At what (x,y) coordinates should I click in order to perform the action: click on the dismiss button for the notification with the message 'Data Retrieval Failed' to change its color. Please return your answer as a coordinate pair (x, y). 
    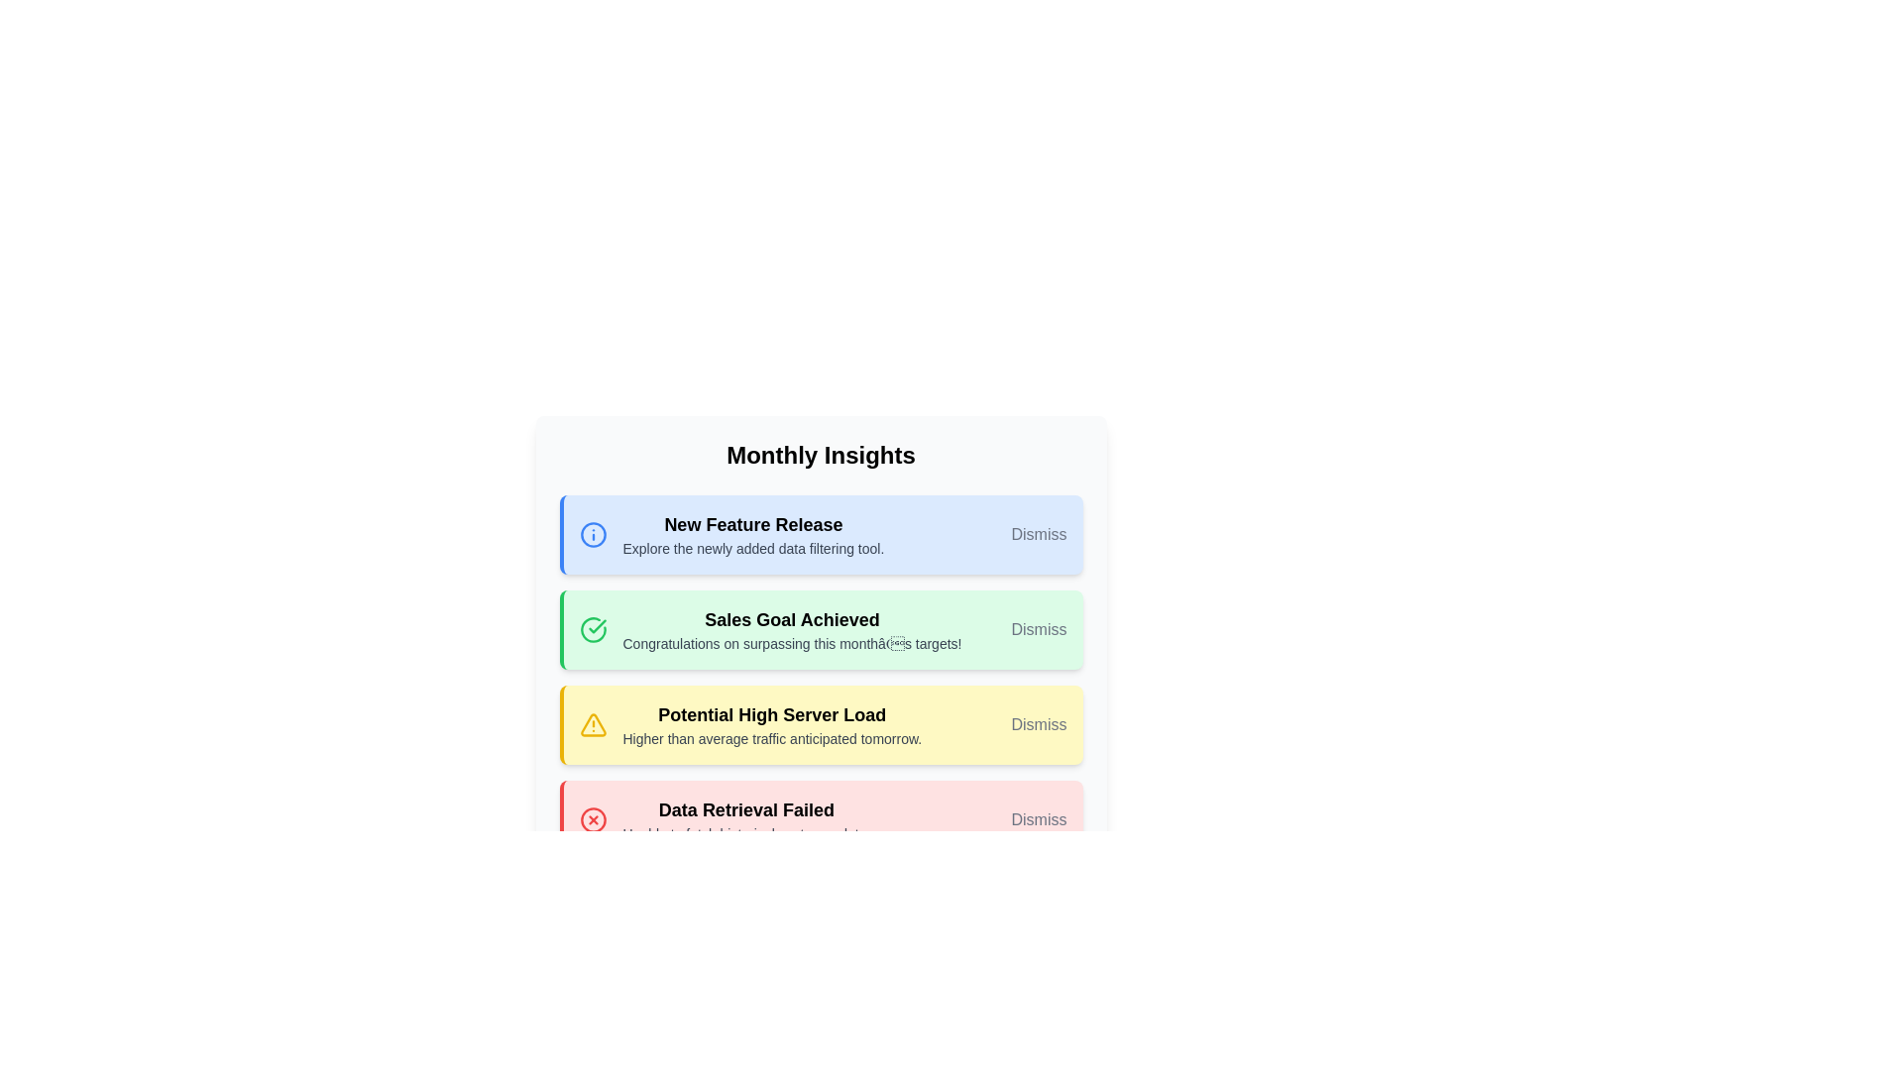
    Looking at the image, I should click on (1038, 820).